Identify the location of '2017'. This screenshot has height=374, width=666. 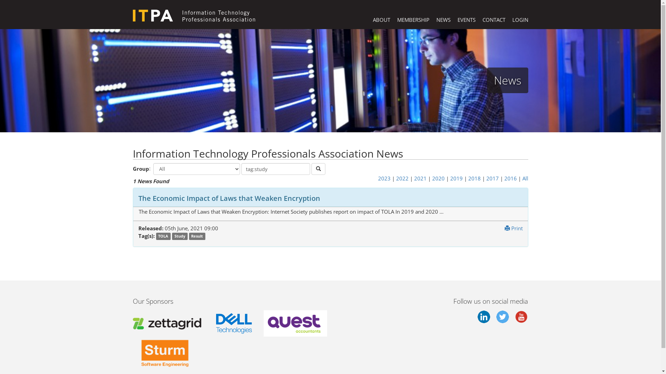
(492, 178).